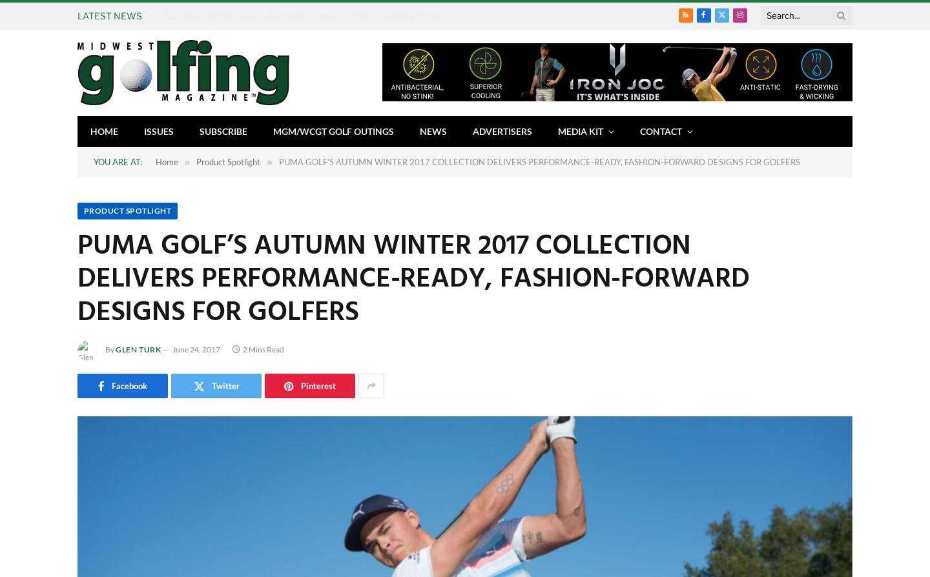  Describe the element at coordinates (93, 161) in the screenshot. I see `'You are at:'` at that location.